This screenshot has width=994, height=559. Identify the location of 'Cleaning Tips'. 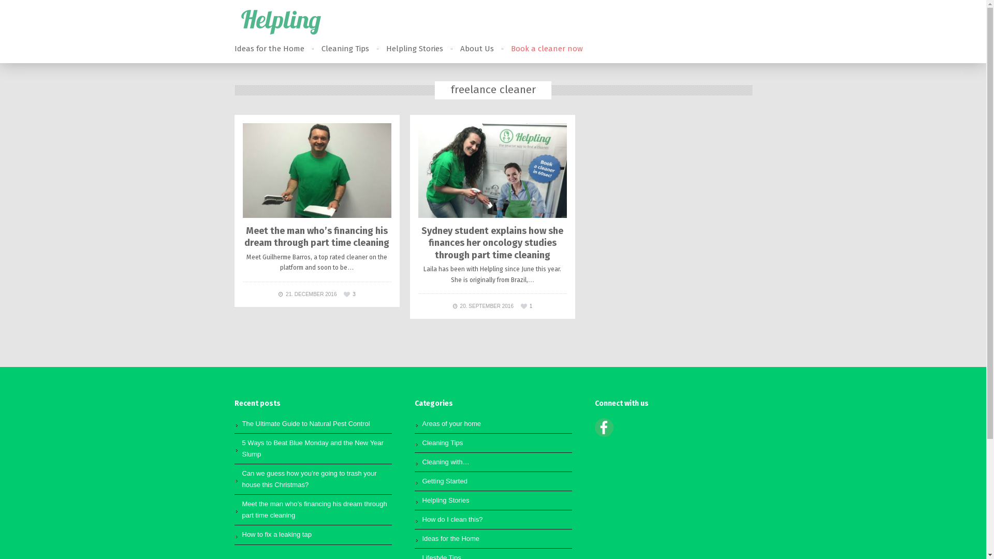
(345, 49).